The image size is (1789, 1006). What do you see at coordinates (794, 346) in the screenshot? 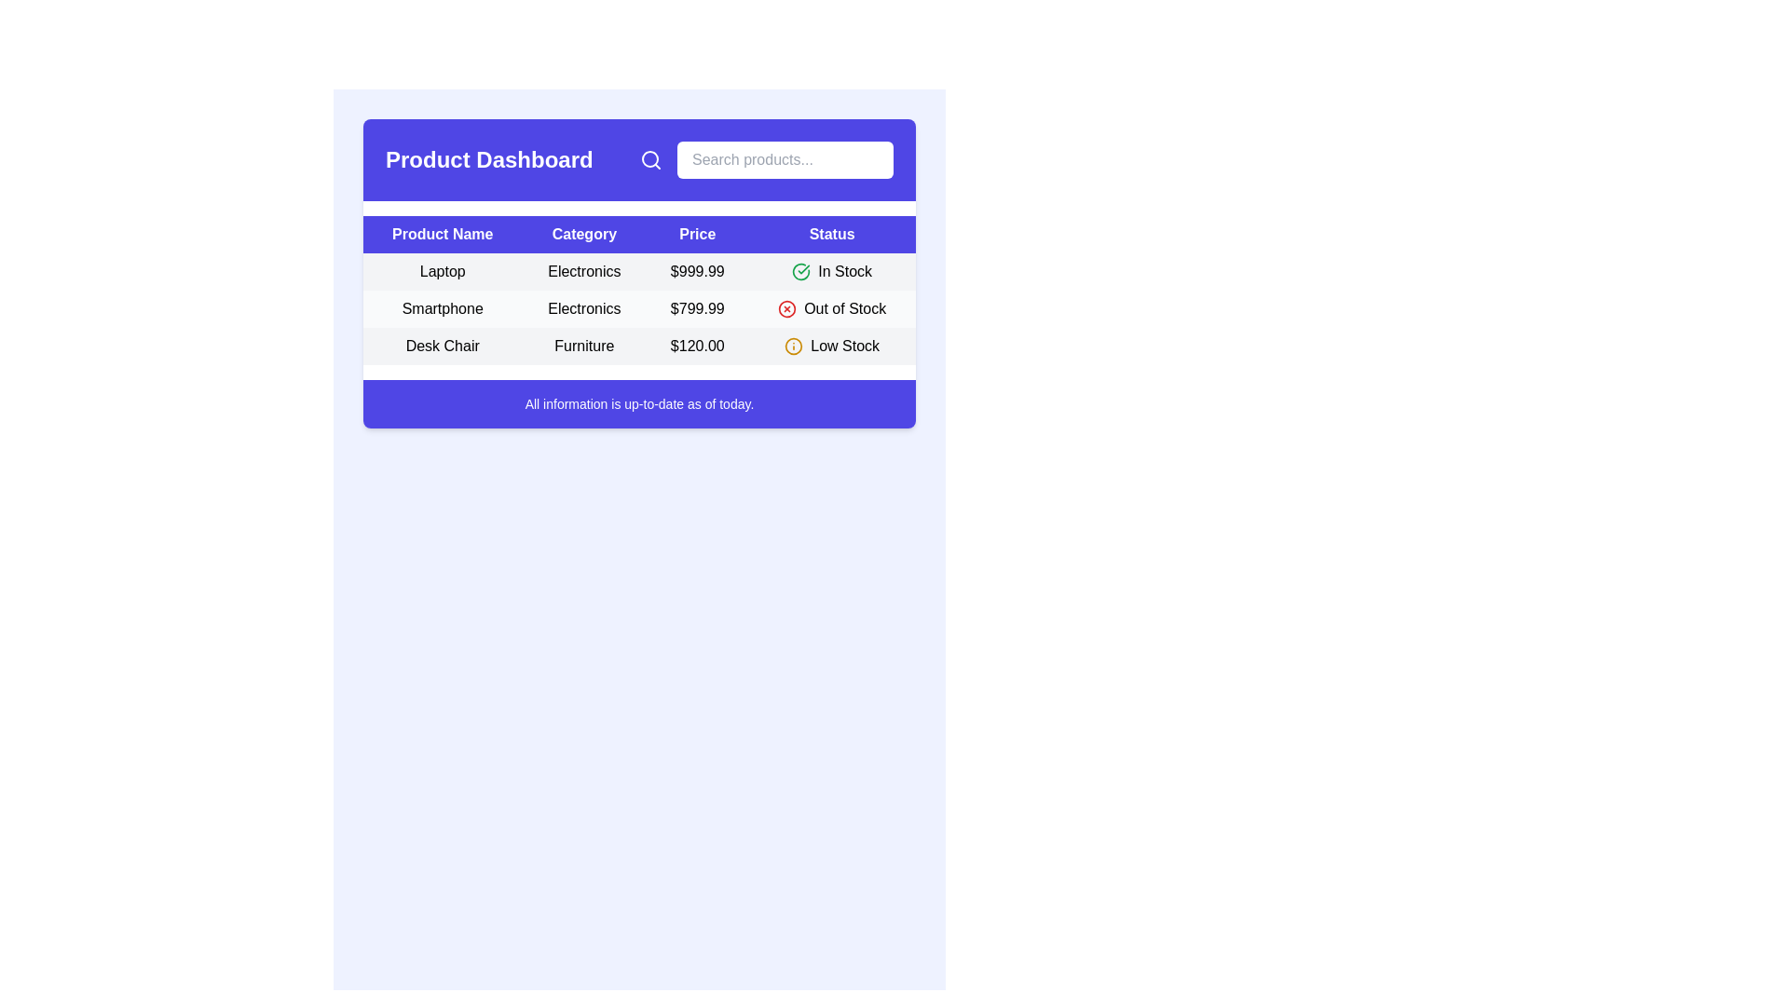
I see `the informational indicator icon for 'Low Stock' status located to the left of the text label in the Status column of the last row in the dashboard table` at bounding box center [794, 346].